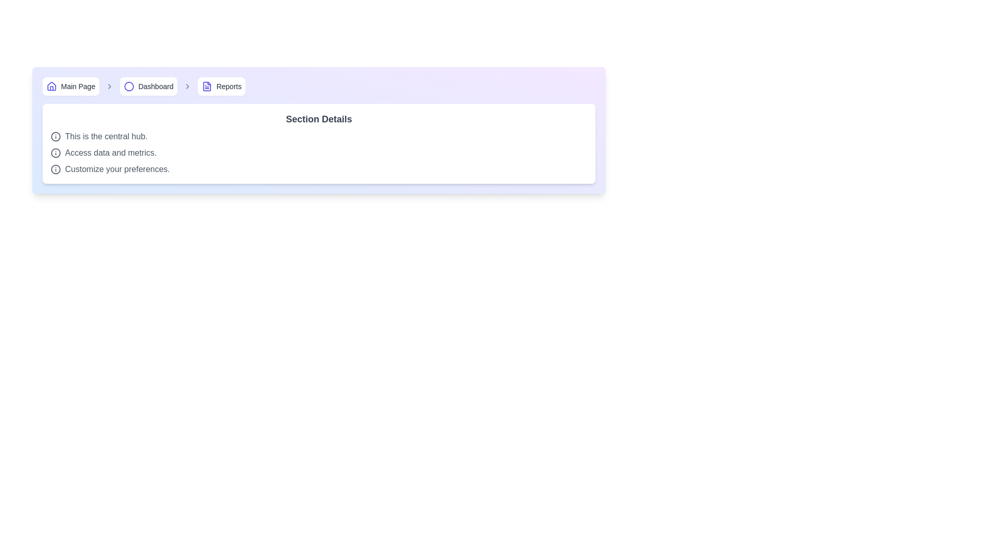 The image size is (984, 553). I want to click on the SVG graphic representing the 'Reports' section in the breadcrumb navigation bar, located next to the 'Reports' text label, so click(207, 86).